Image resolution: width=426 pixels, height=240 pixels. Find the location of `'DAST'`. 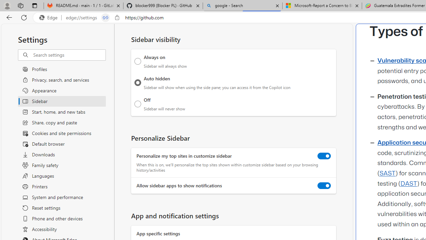

'DAST' is located at coordinates (408, 184).